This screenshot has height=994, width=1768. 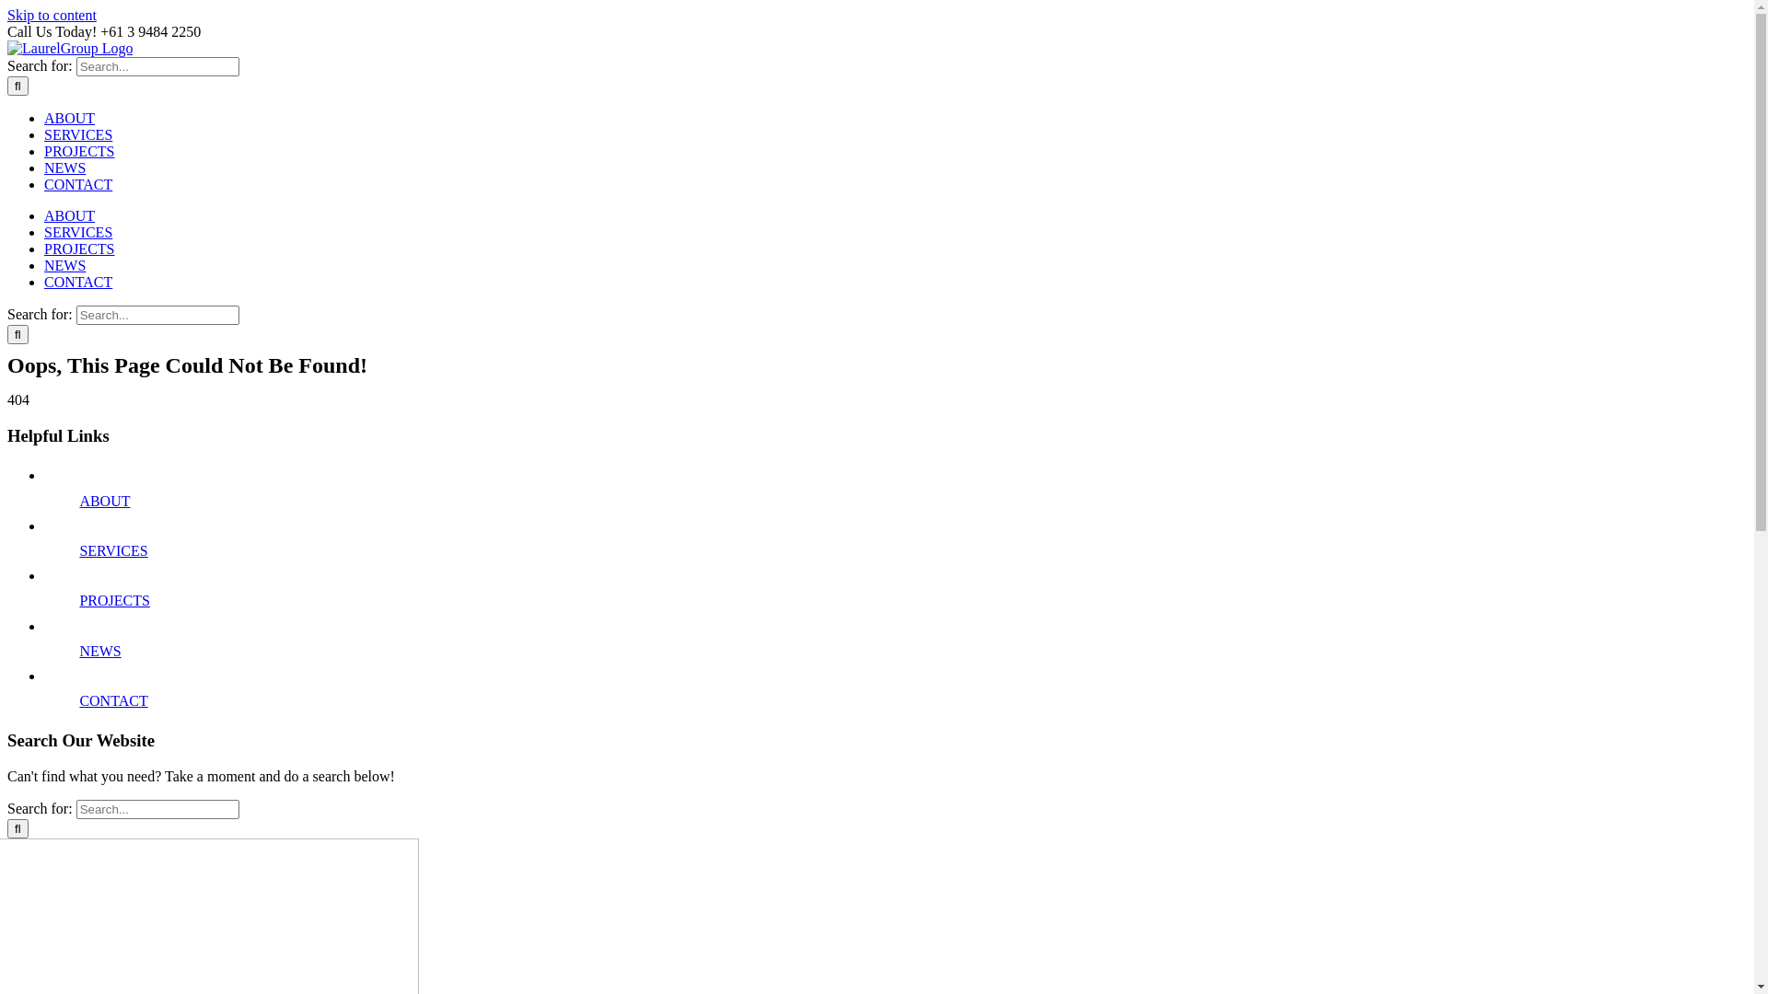 What do you see at coordinates (78, 700) in the screenshot?
I see `'CONTACT'` at bounding box center [78, 700].